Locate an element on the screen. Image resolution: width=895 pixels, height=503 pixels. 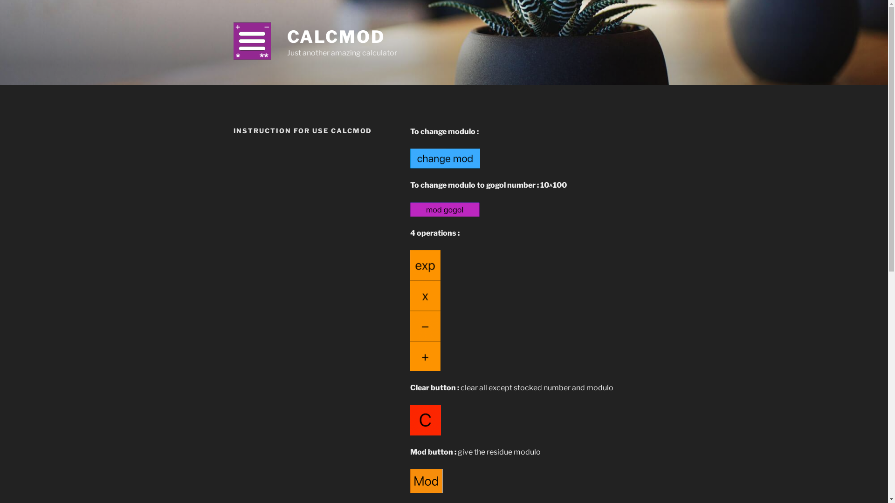
'CALCMOD' is located at coordinates (336, 36).